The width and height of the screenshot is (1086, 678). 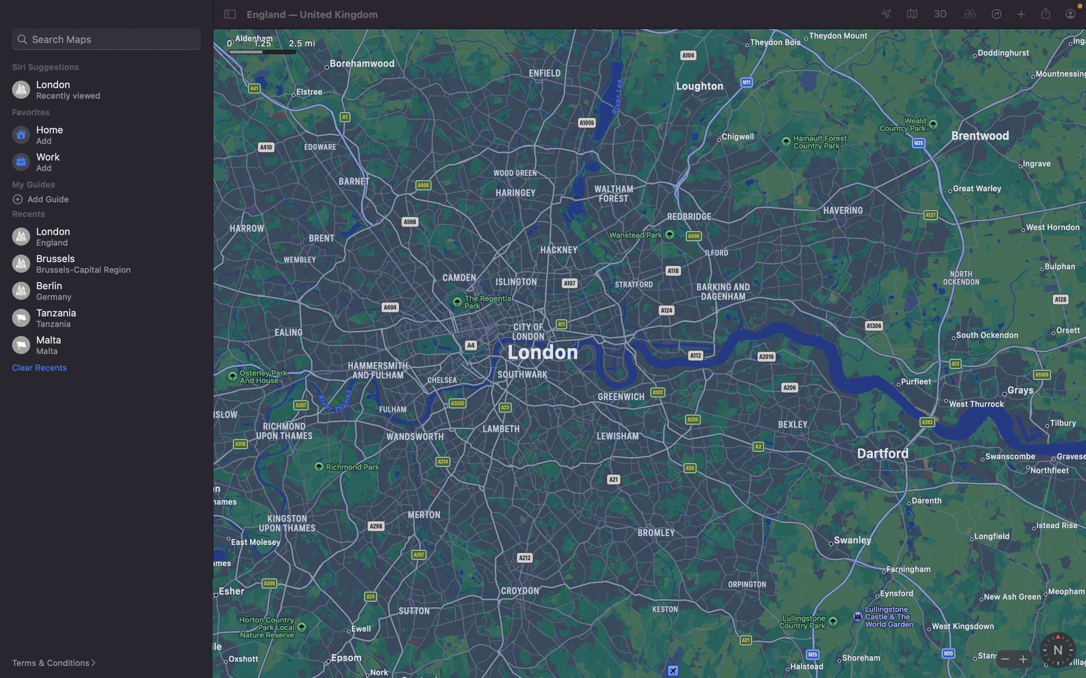 What do you see at coordinates (109, 199) in the screenshot?
I see `Incorporate a new dimension named "bars" to your guide` at bounding box center [109, 199].